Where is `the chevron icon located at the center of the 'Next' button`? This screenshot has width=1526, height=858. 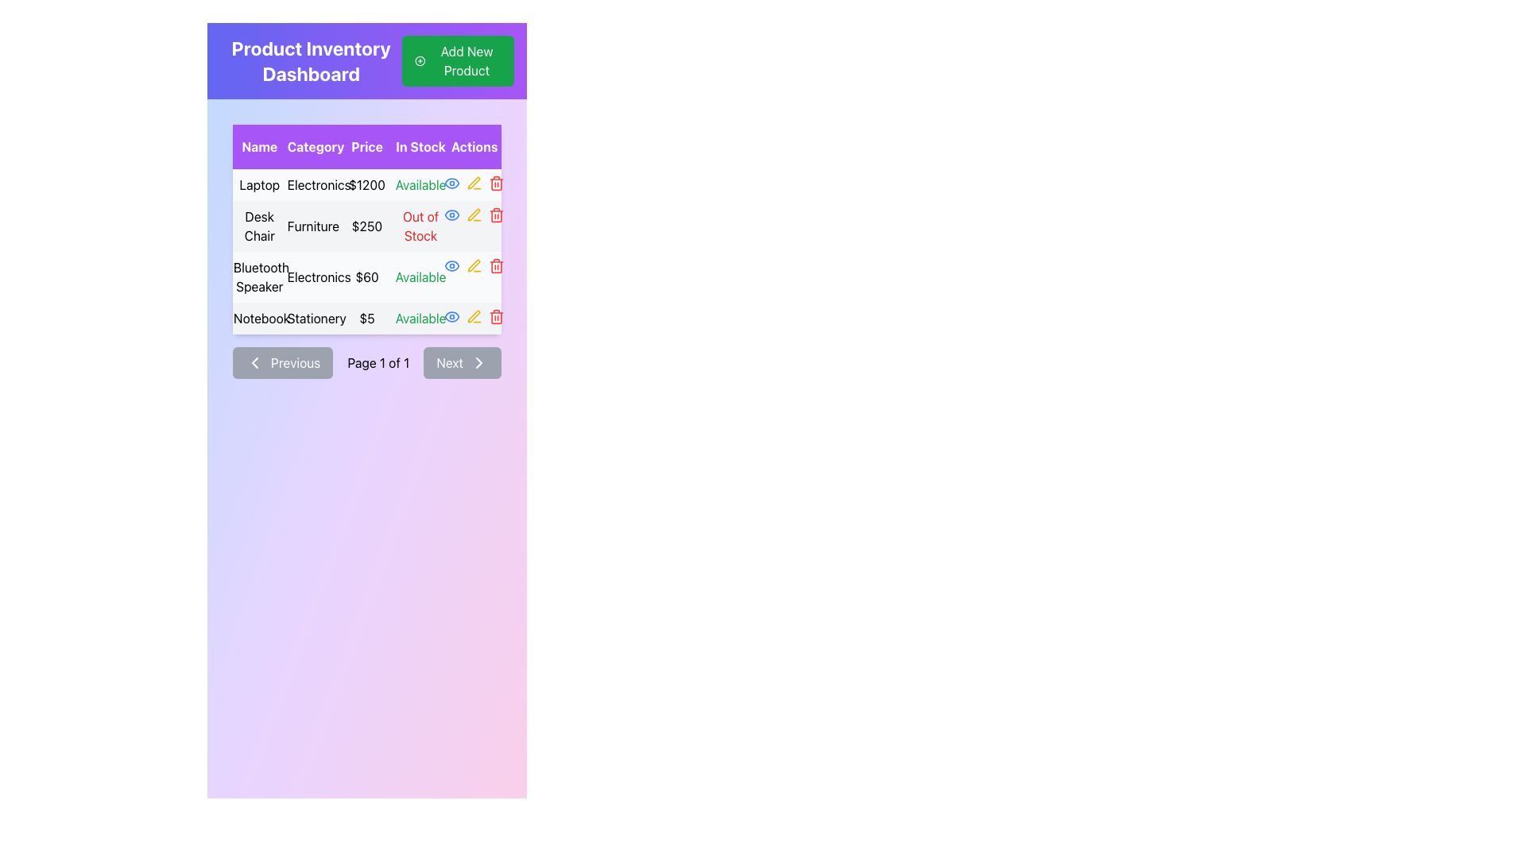
the chevron icon located at the center of the 'Next' button is located at coordinates (478, 362).